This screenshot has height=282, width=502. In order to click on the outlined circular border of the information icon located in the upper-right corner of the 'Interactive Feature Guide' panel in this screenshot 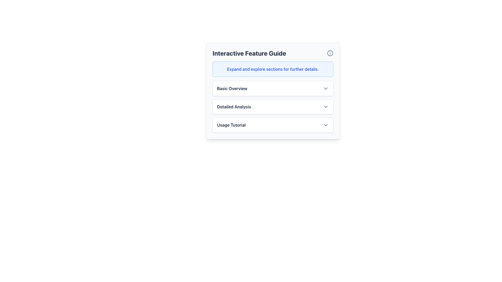, I will do `click(330, 53)`.